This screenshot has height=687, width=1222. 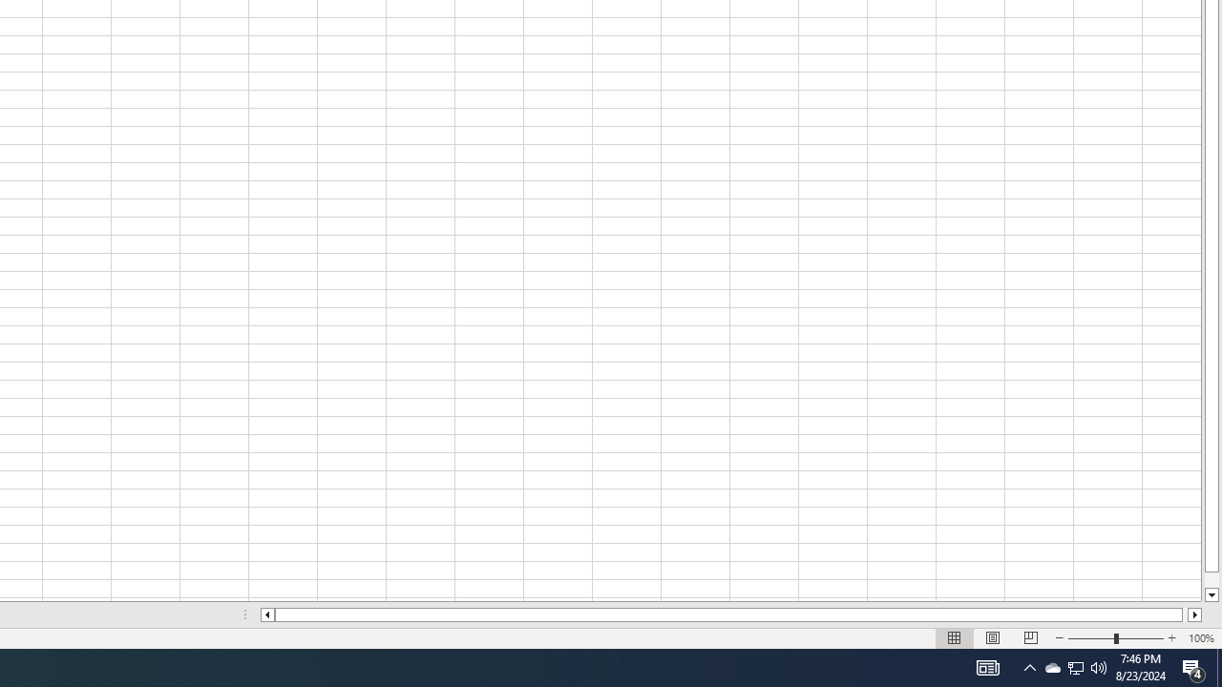 I want to click on 'Zoom Out', so click(x=1091, y=638).